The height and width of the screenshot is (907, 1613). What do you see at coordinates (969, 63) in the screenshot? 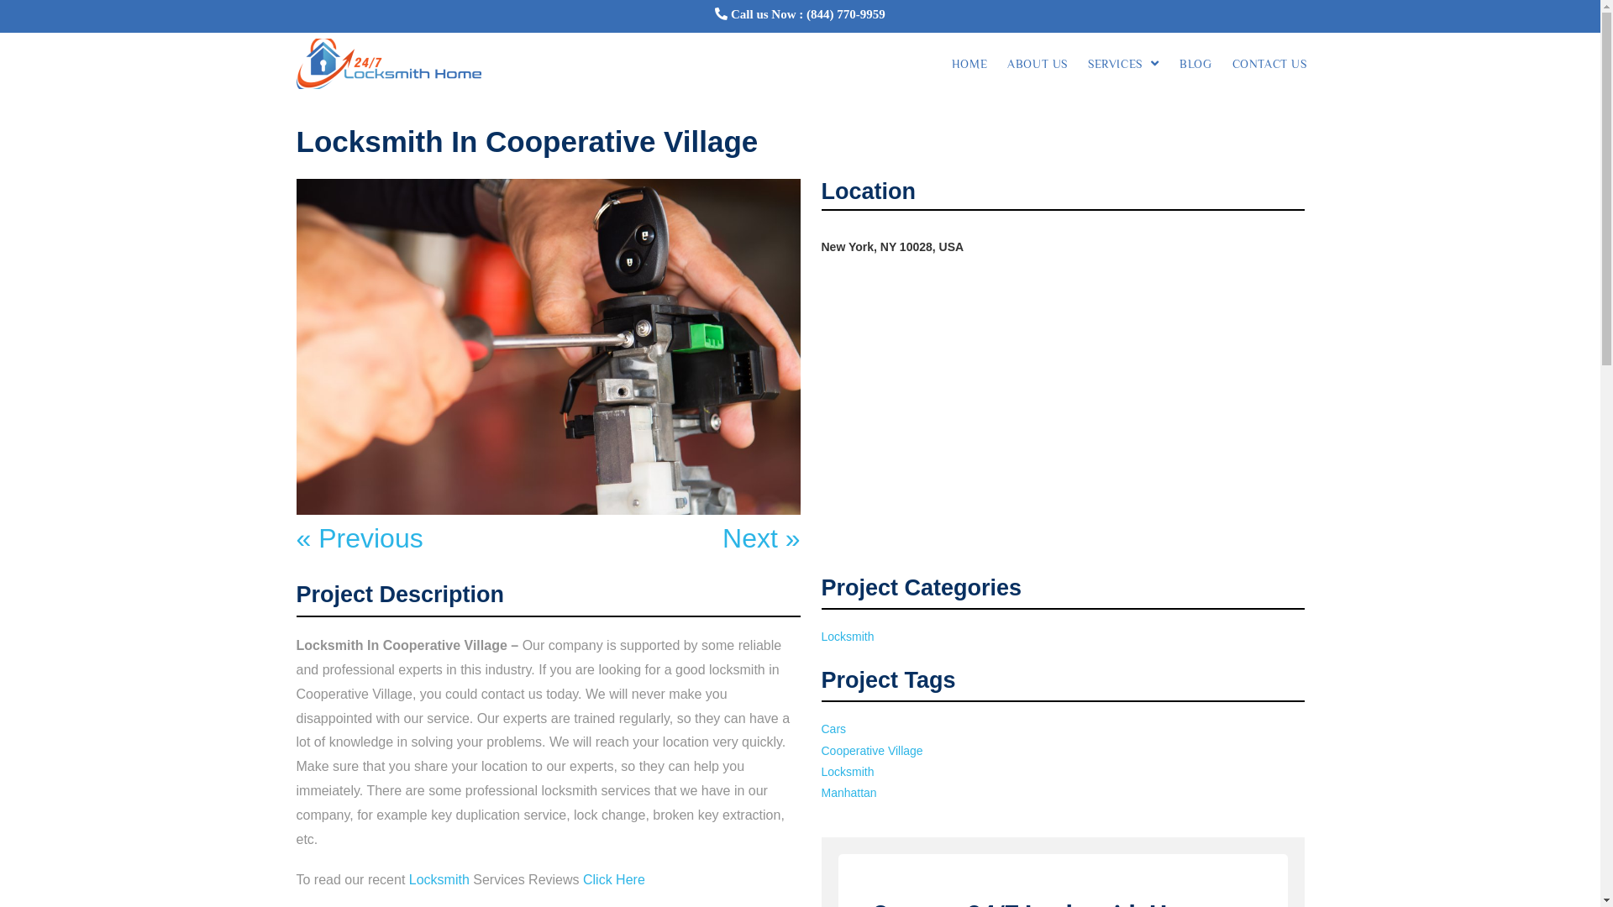
I see `'HOME'` at bounding box center [969, 63].